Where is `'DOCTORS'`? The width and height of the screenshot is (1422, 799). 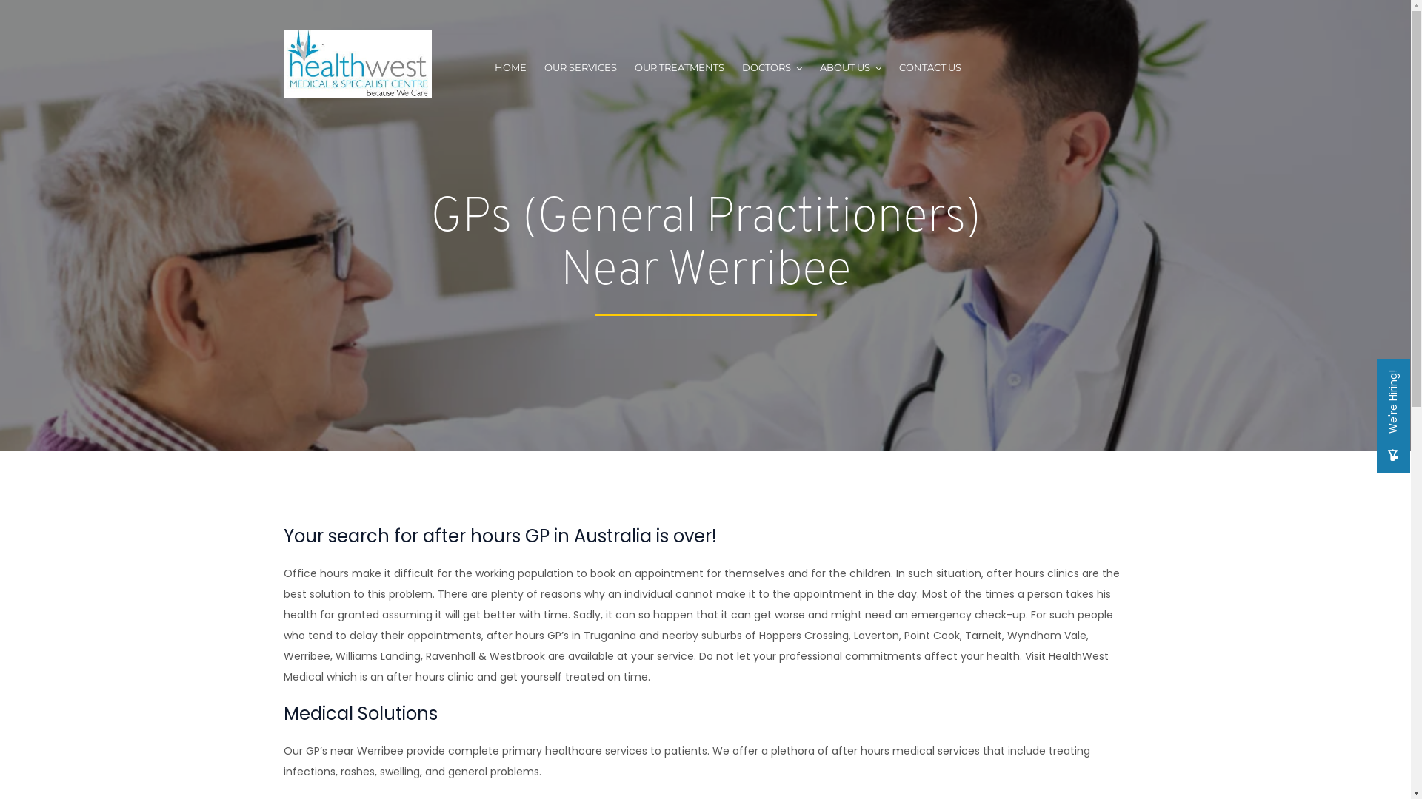 'DOCTORS' is located at coordinates (742, 69).